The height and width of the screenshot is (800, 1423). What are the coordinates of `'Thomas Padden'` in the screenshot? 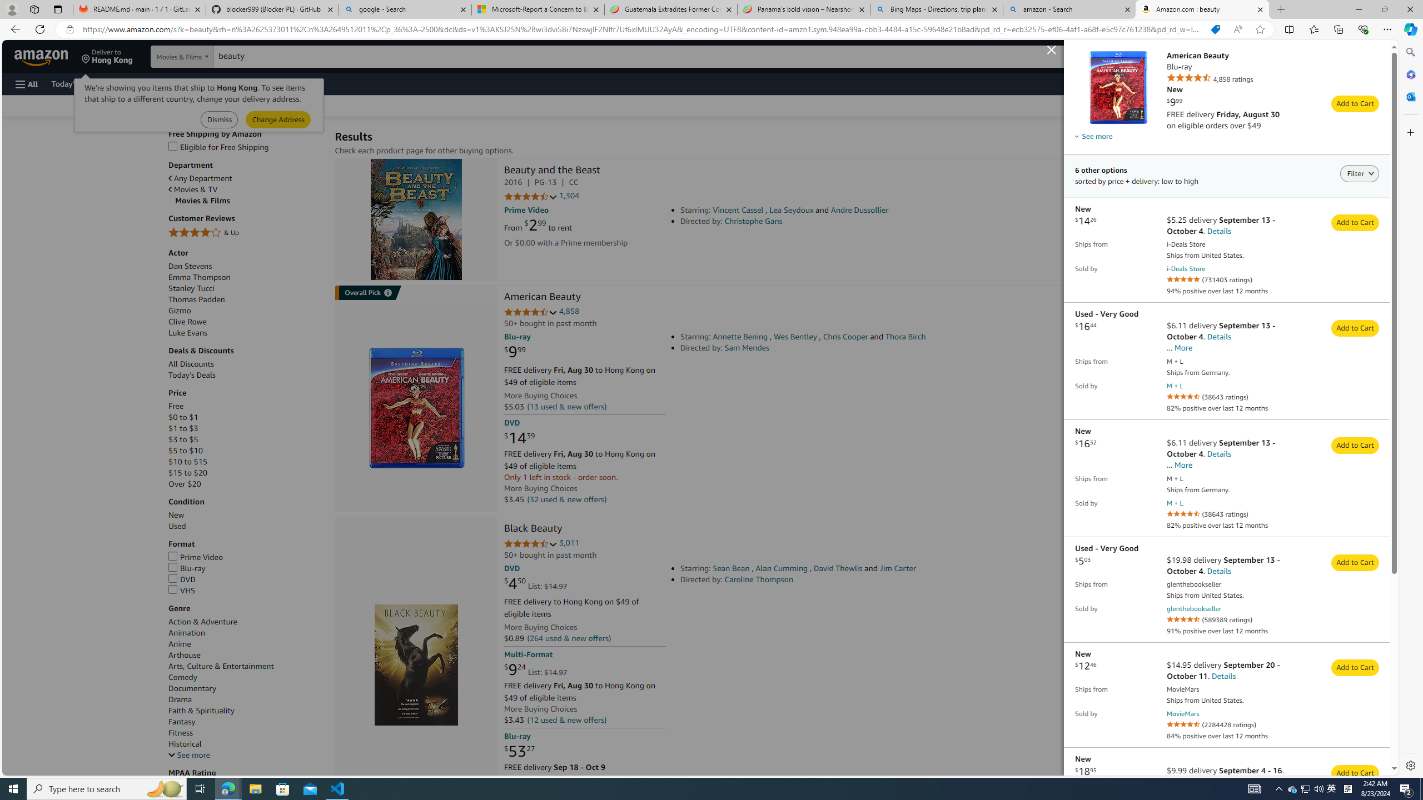 It's located at (245, 300).